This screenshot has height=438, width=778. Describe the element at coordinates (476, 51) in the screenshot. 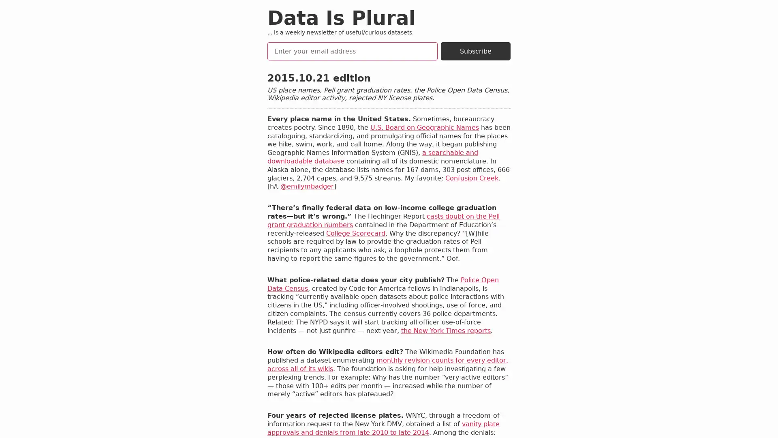

I see `Subscribe` at that location.